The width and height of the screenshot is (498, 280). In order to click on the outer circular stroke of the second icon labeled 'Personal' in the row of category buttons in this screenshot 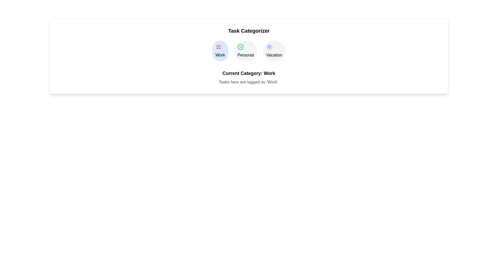, I will do `click(240, 47)`.